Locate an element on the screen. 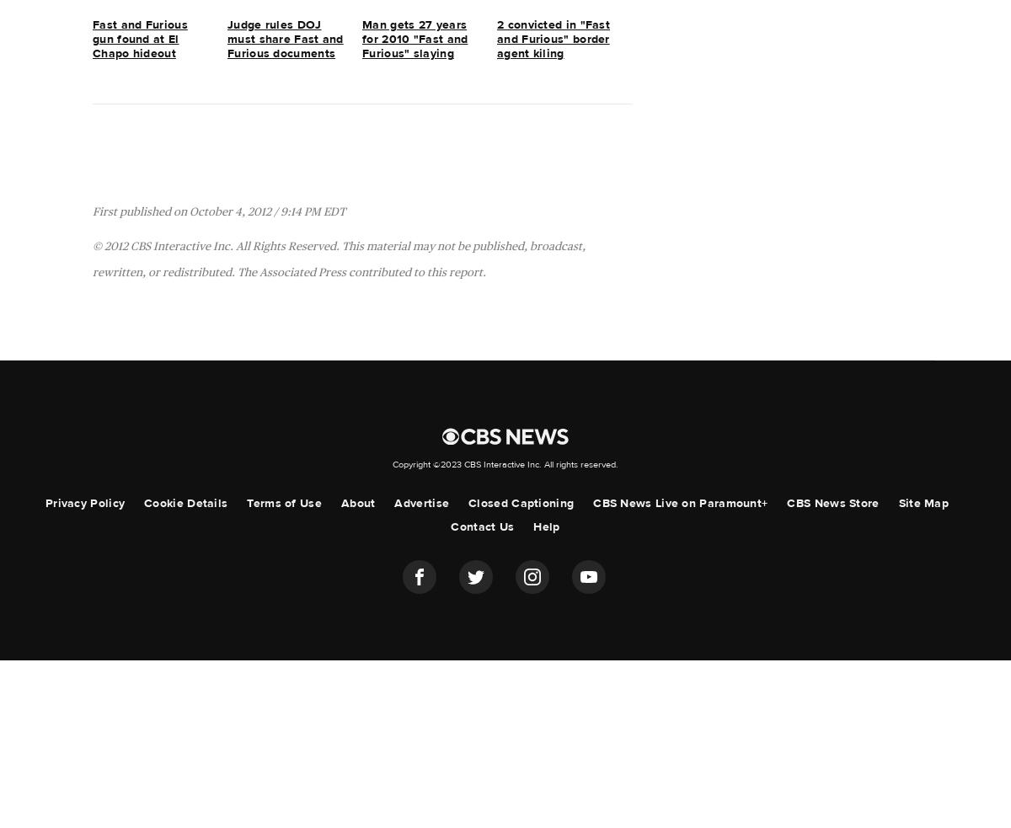 Image resolution: width=1011 pixels, height=828 pixels. 'Cookie Details' is located at coordinates (142, 503).